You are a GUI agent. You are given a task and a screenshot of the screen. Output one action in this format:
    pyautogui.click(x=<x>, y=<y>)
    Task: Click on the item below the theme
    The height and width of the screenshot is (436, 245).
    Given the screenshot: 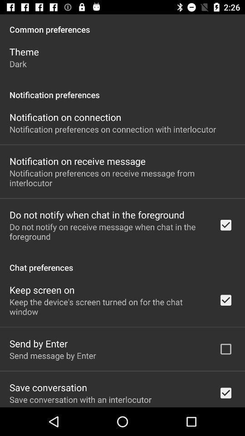 What is the action you would take?
    pyautogui.click(x=18, y=63)
    